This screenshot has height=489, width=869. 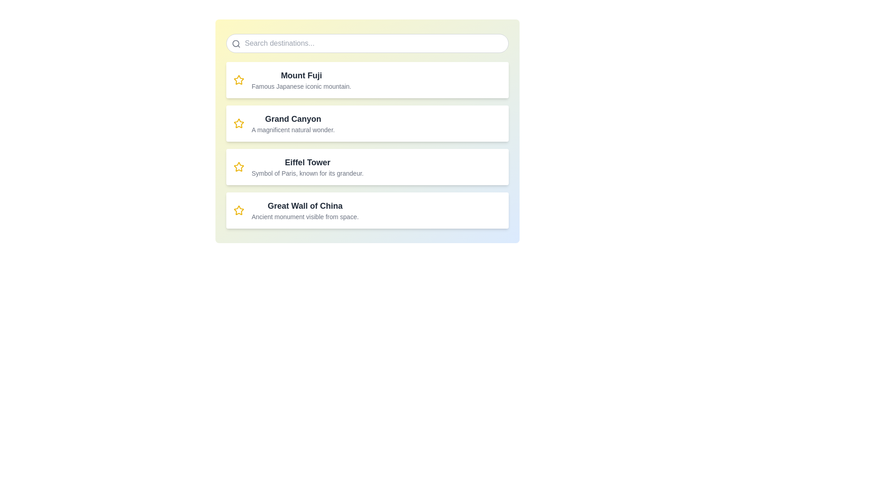 I want to click on the star icon graphic located on the left side of the fourth item in a vertical list, which describes the Great Wall of China, so click(x=239, y=211).